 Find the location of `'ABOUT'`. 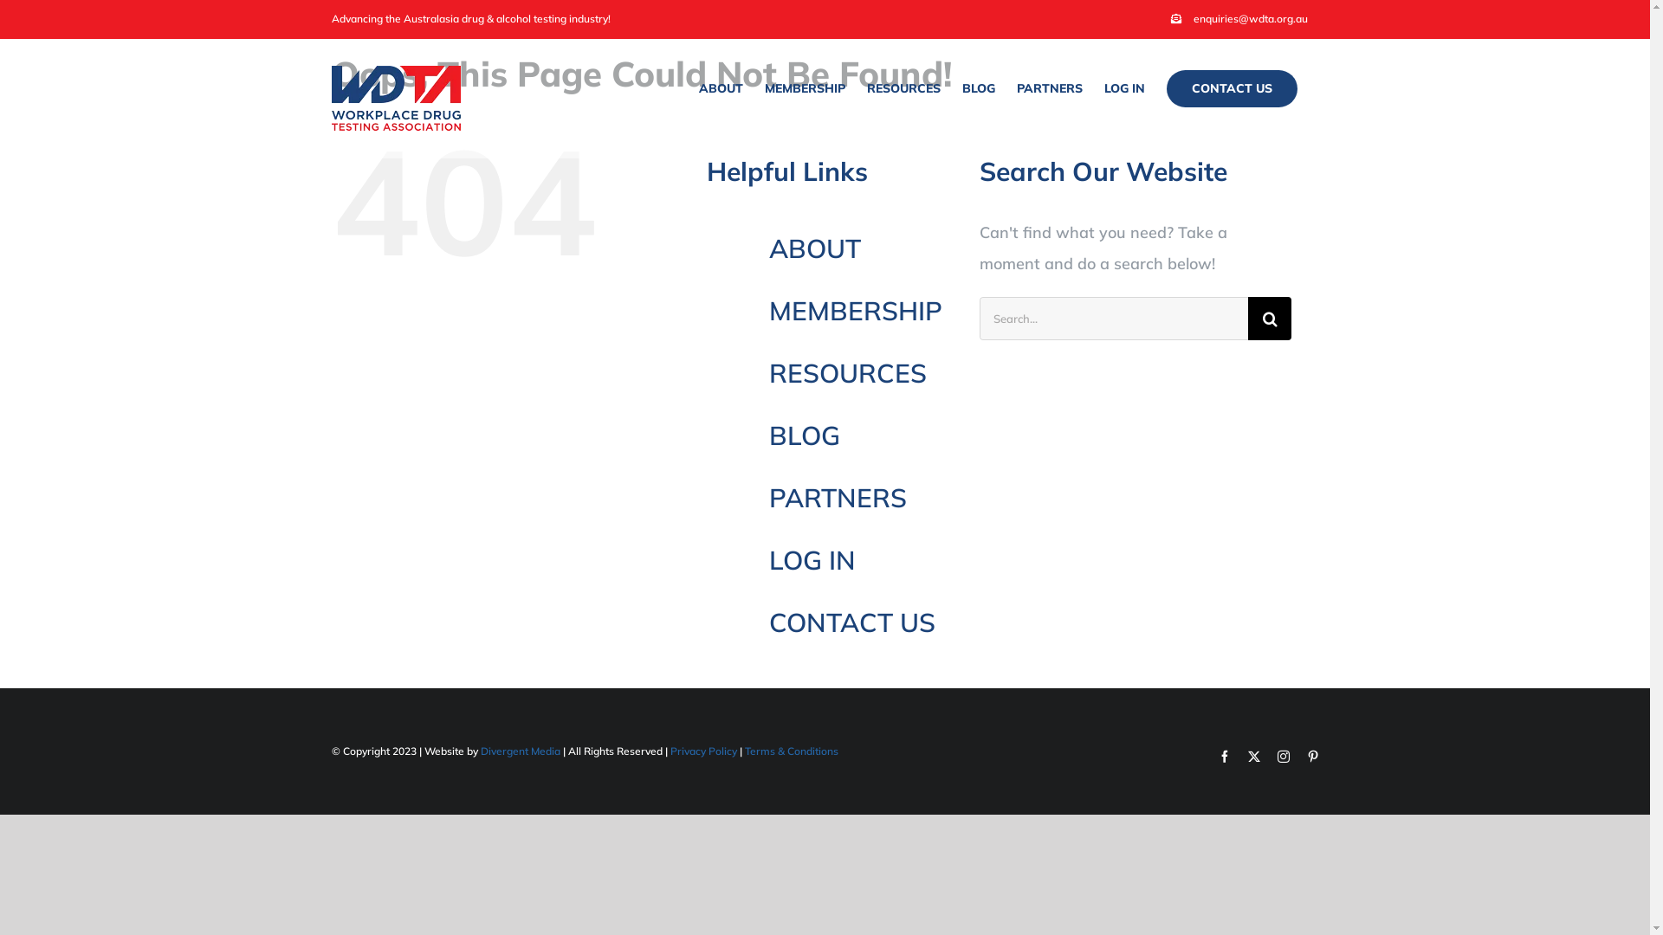

'ABOUT' is located at coordinates (720, 87).